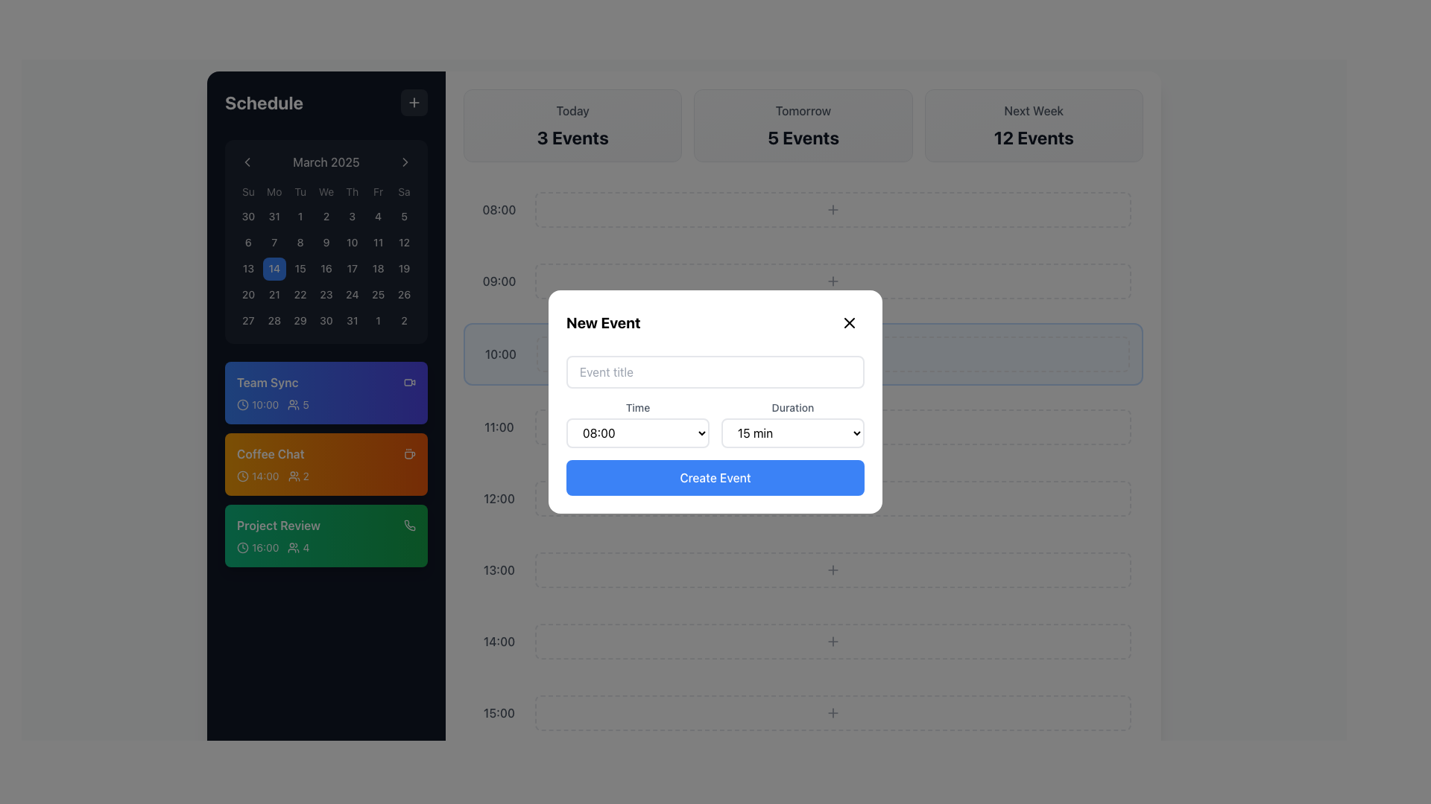 Image resolution: width=1431 pixels, height=804 pixels. Describe the element at coordinates (325, 242) in the screenshot. I see `the calendar date button displaying the number '9' in light white text, located in the second row and fourth column of the March 2025 calendar grid` at that location.